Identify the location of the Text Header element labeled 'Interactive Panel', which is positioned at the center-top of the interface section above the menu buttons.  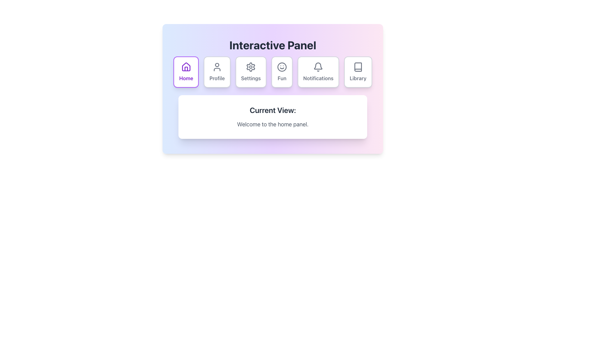
(273, 45).